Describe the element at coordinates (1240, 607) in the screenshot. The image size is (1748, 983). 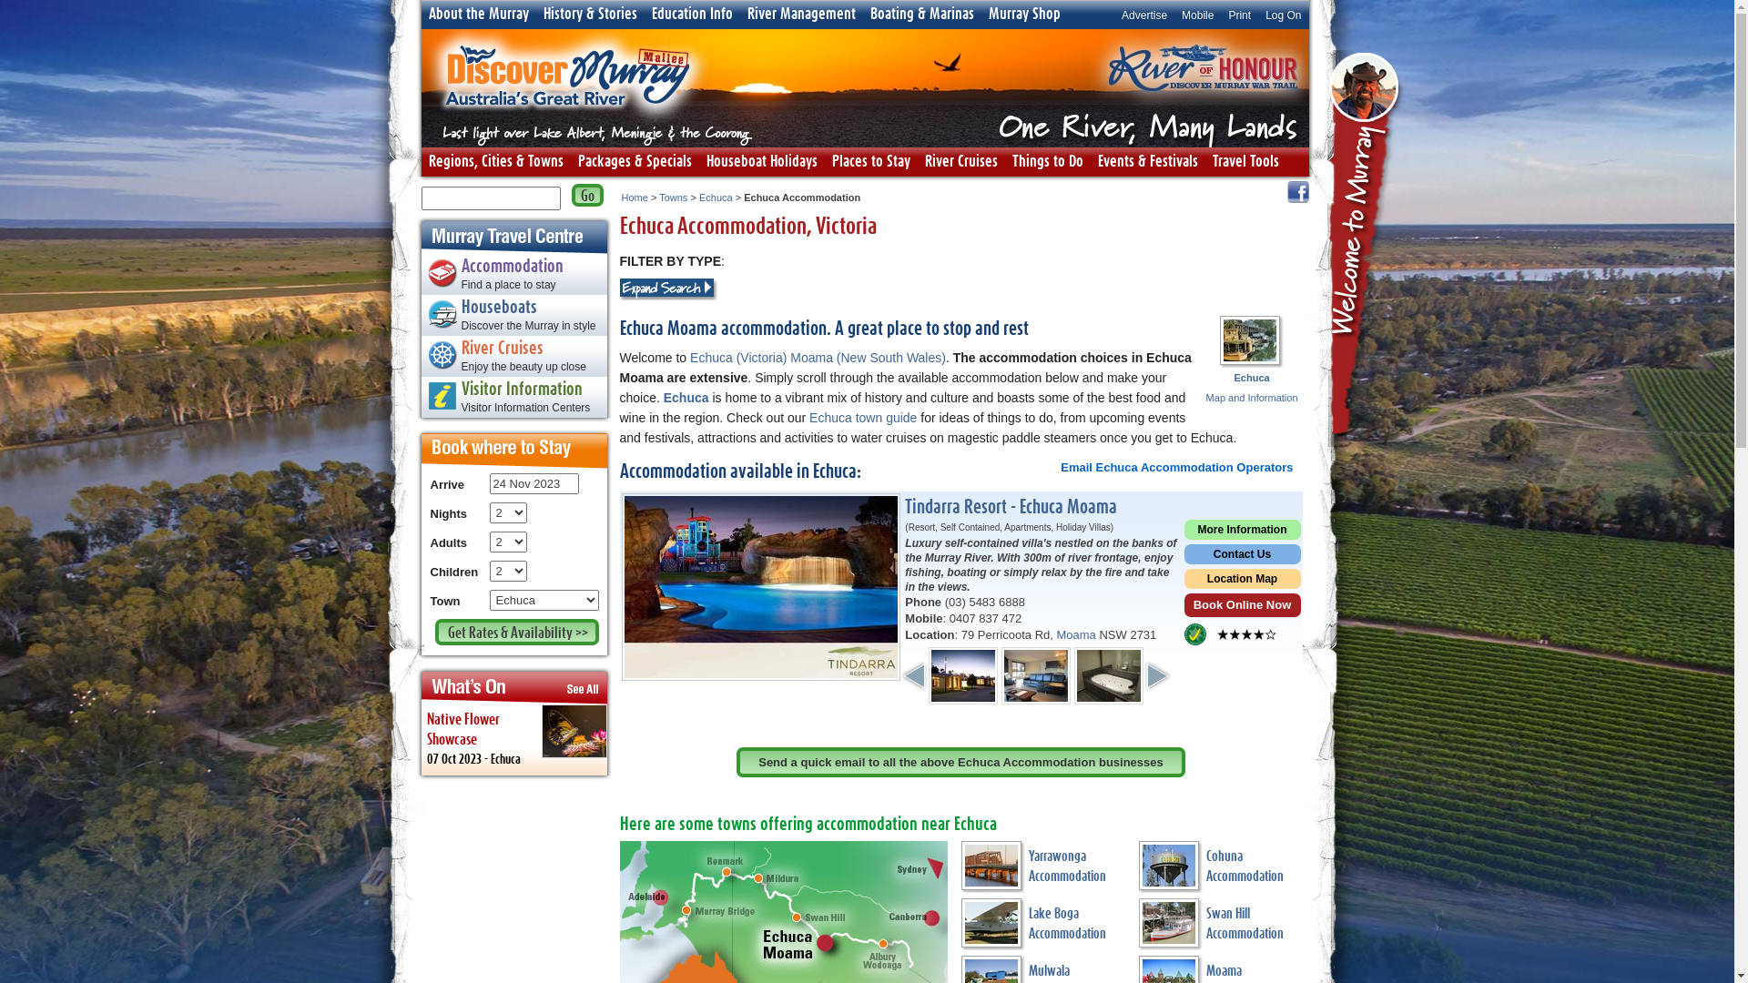
I see `'Book Online Now'` at that location.